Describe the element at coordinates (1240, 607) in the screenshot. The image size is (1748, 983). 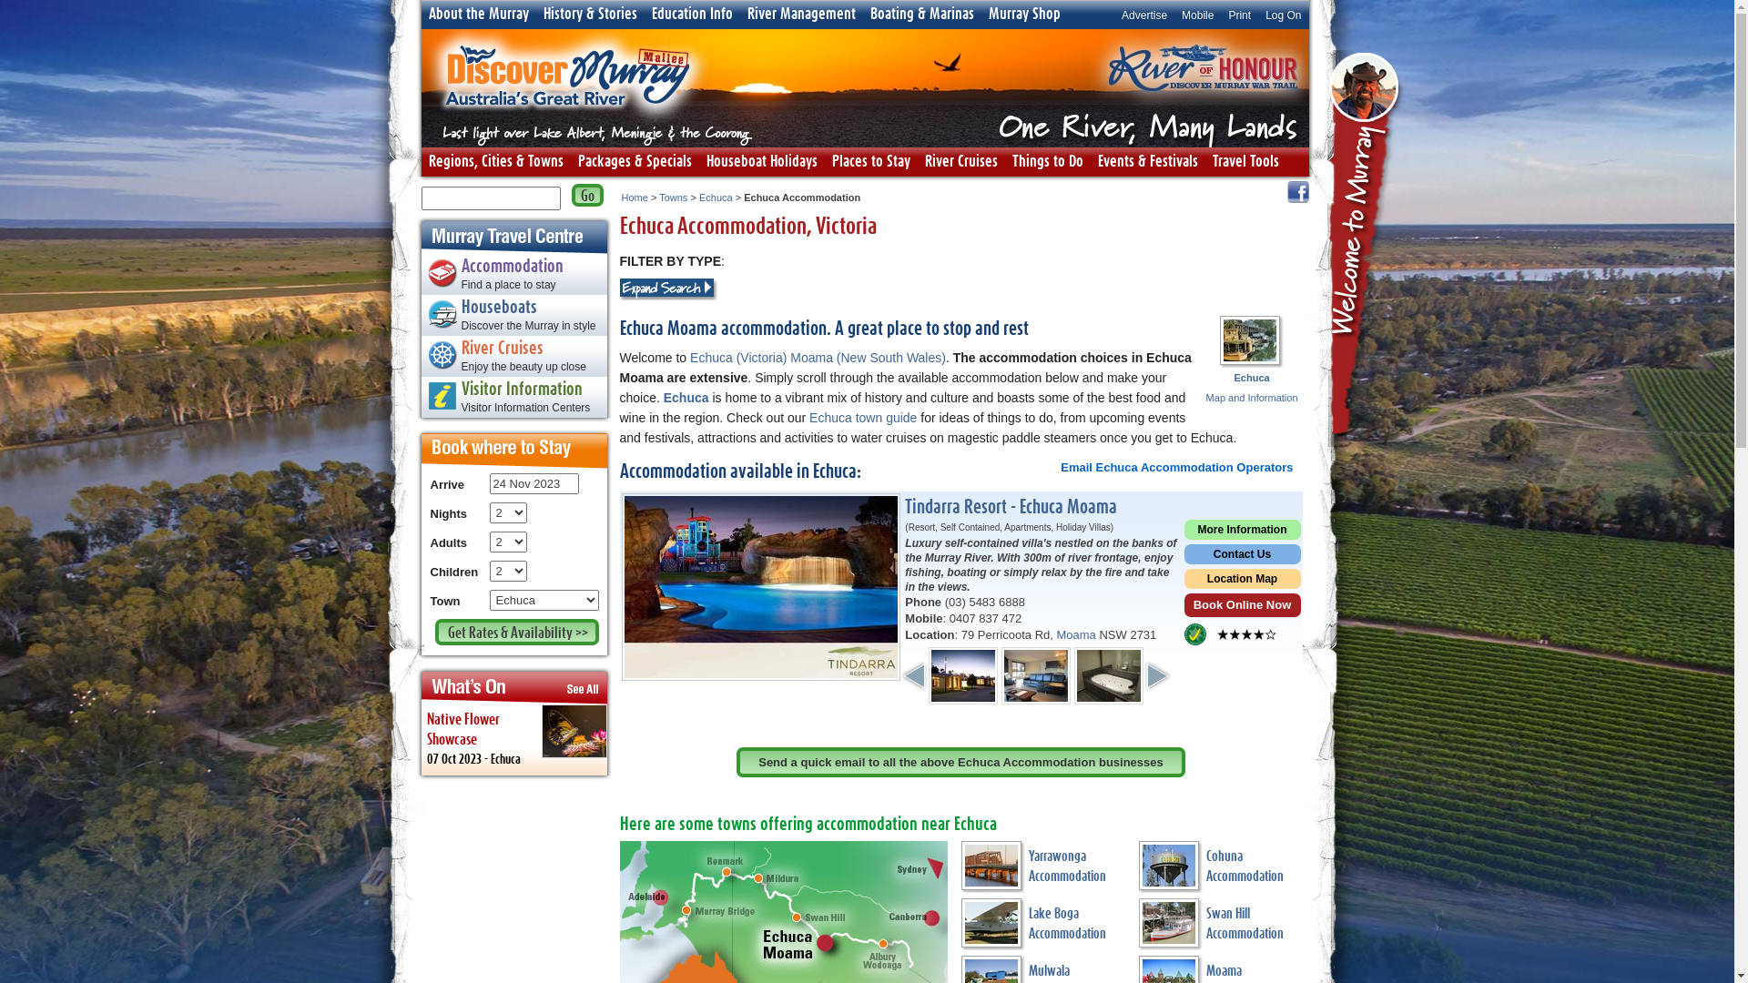
I see `'Book Online Now'` at that location.